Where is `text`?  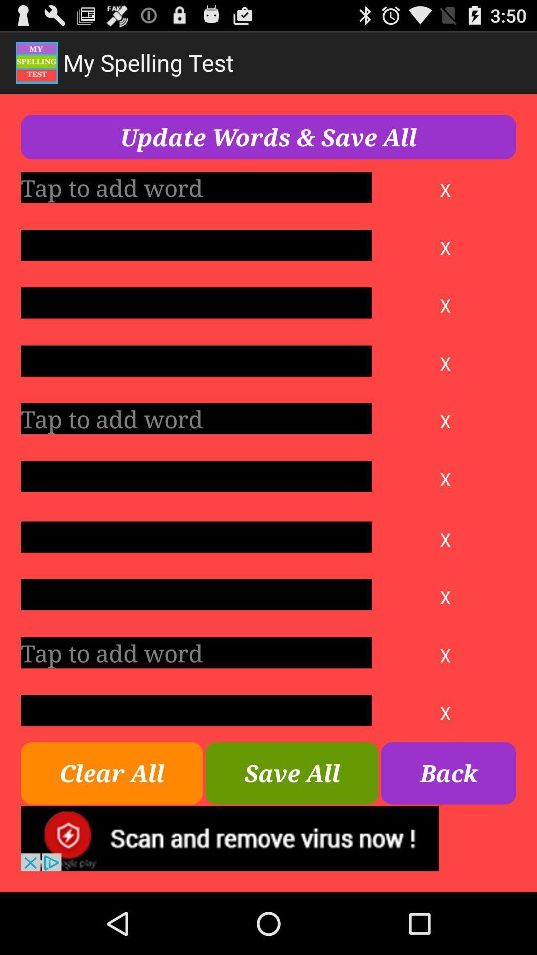
text is located at coordinates (196, 710).